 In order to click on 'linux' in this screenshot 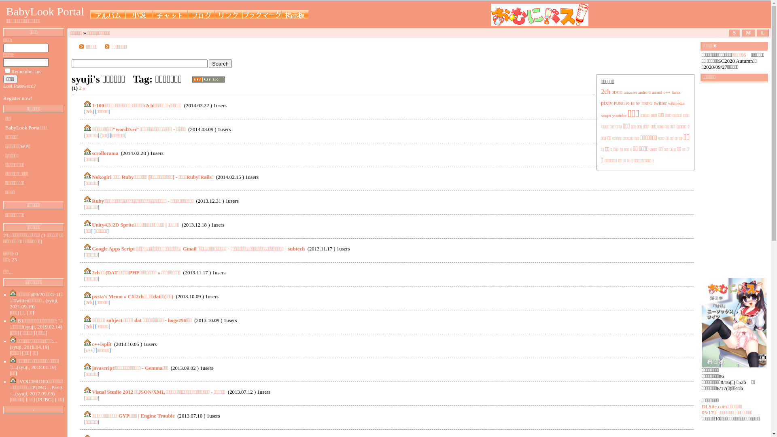, I will do `click(676, 92)`.